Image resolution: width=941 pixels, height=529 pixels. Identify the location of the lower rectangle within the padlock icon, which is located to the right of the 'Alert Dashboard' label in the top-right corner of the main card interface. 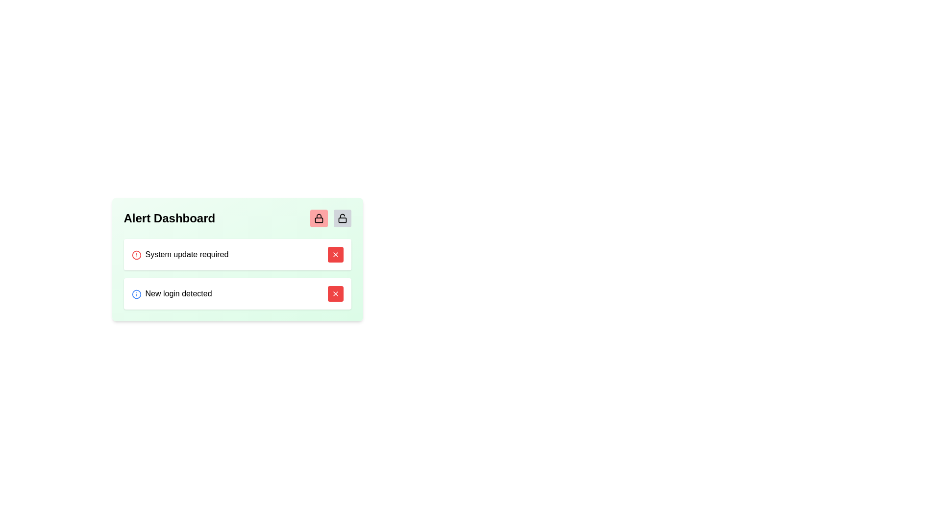
(319, 219).